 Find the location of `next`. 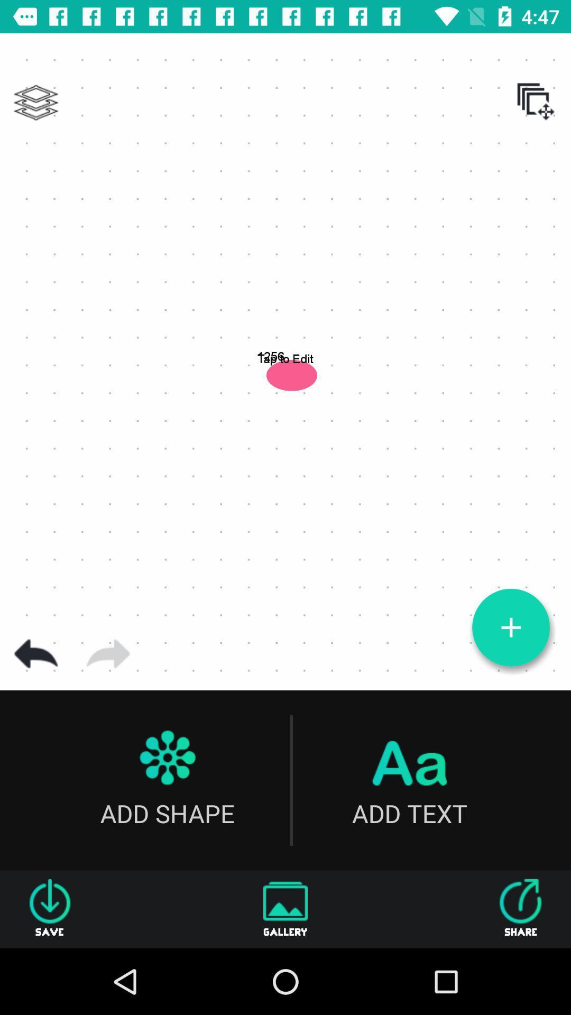

next is located at coordinates (108, 653).